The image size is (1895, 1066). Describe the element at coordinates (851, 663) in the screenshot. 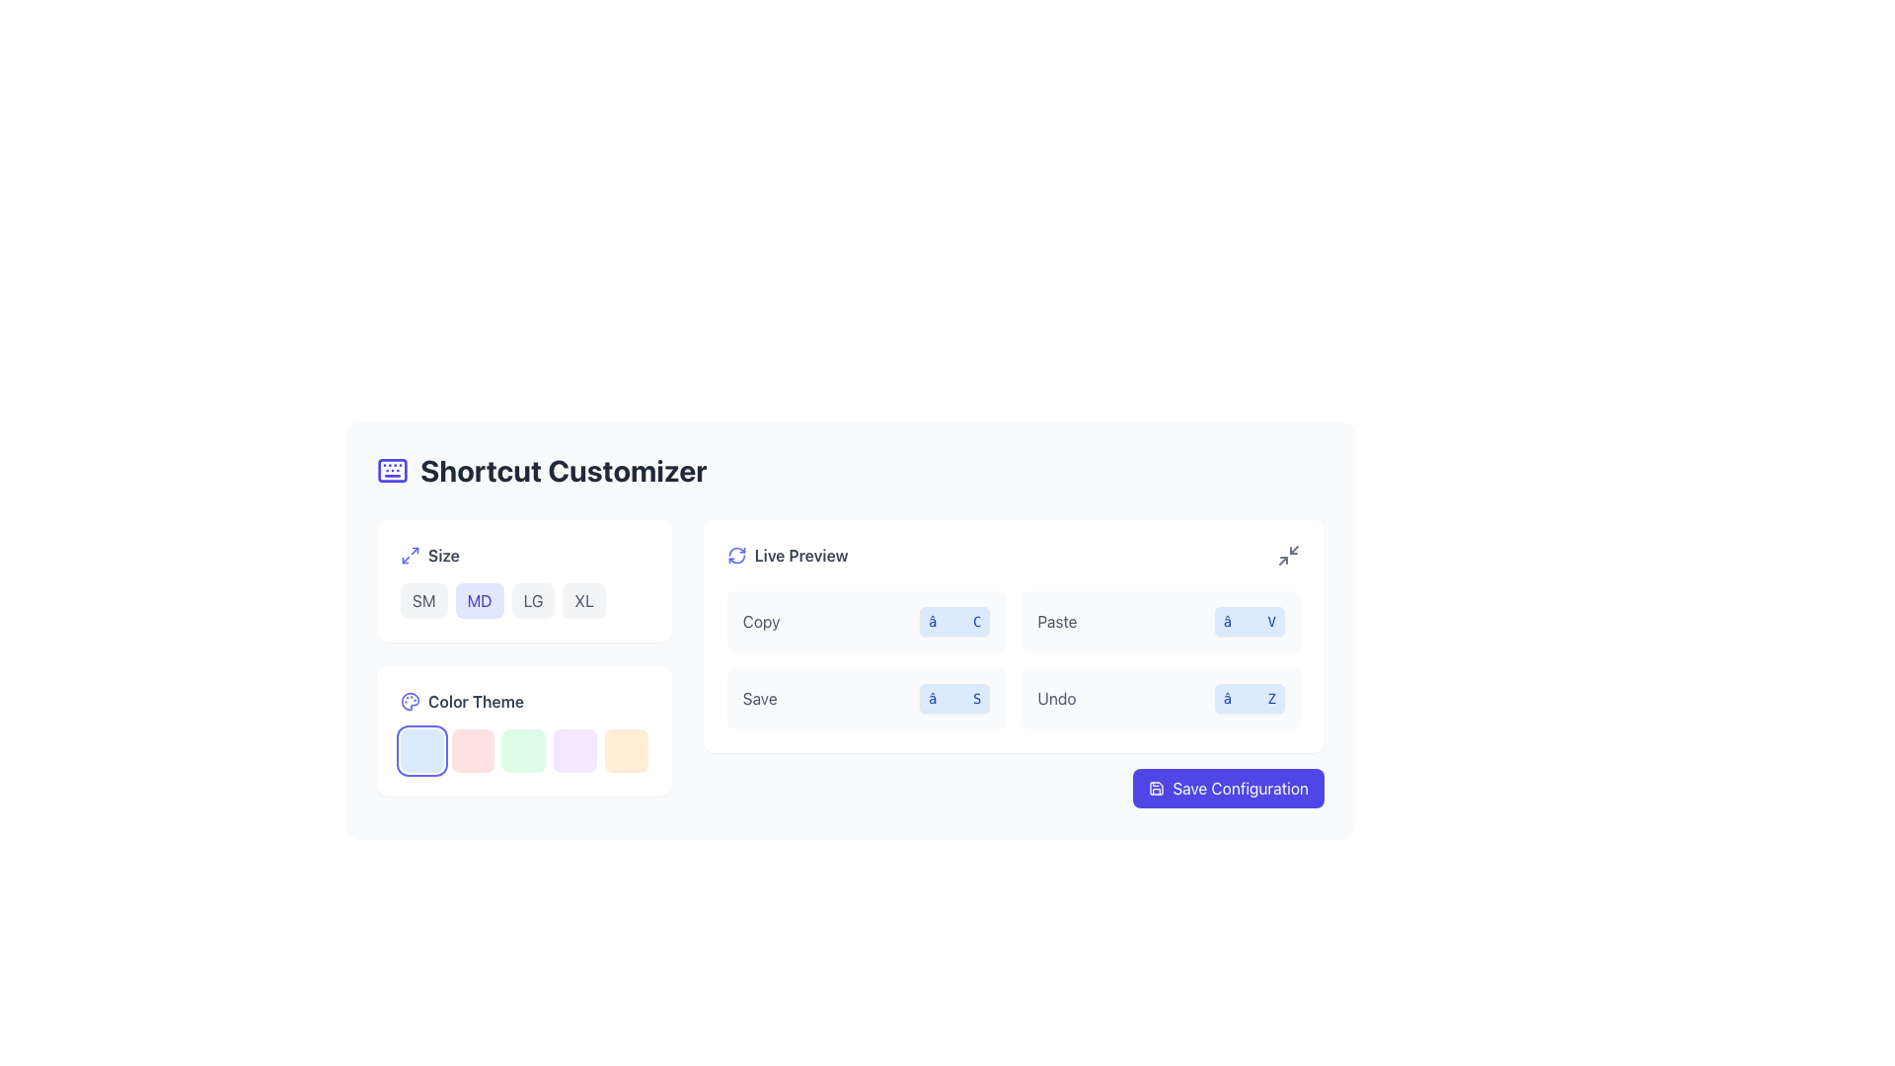

I see `the grid of interactive buttons for 'Copy', 'Paste', 'Save', and 'Undo' actions located in the 'Live Preview' section of the 'Shortcut Customizer' widget` at that location.